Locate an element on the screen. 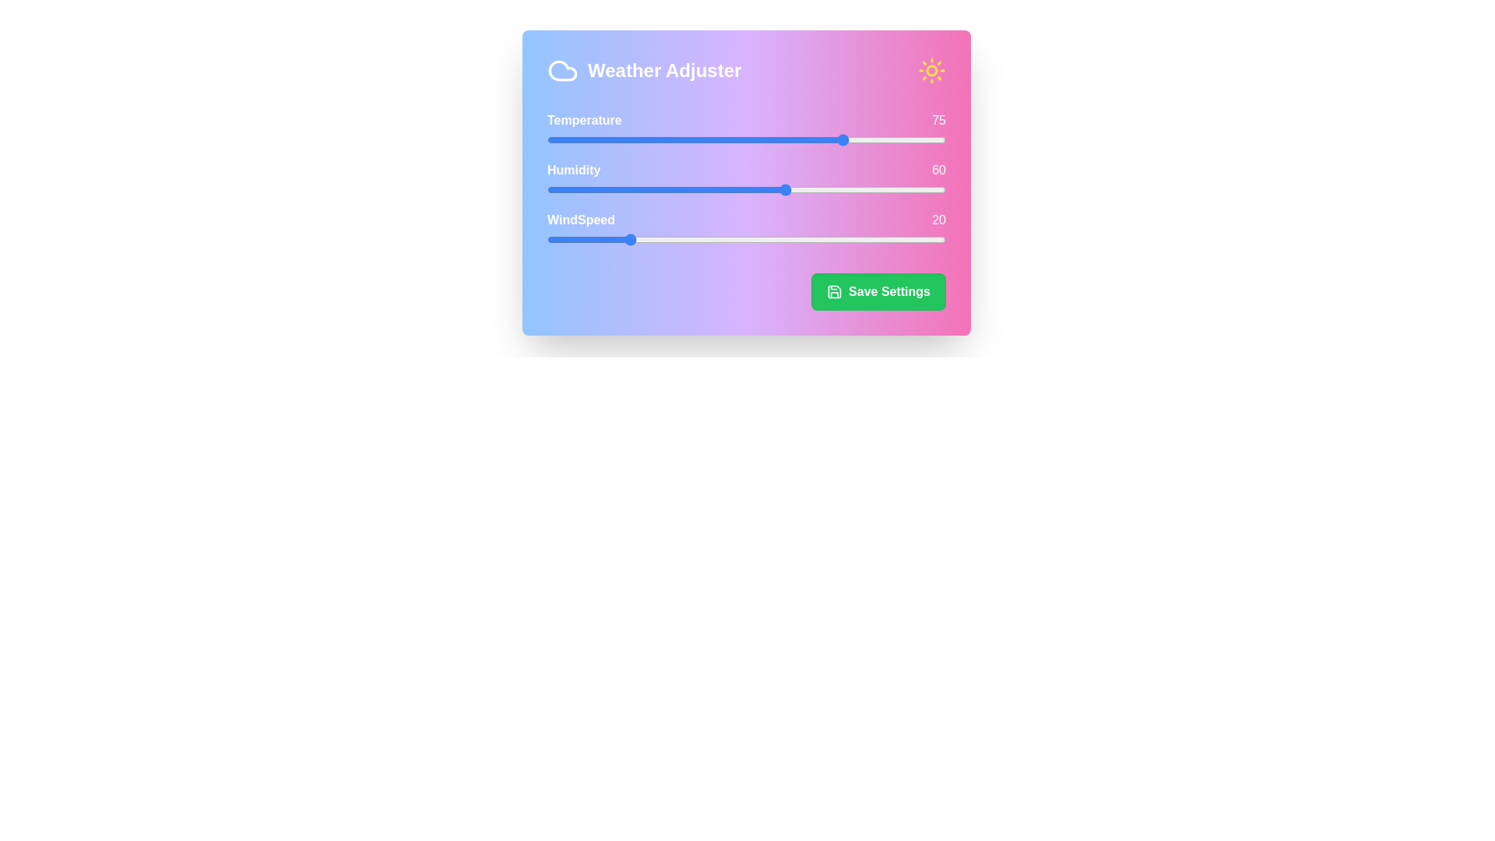 The width and height of the screenshot is (1495, 841). the wind speed is located at coordinates (937, 240).